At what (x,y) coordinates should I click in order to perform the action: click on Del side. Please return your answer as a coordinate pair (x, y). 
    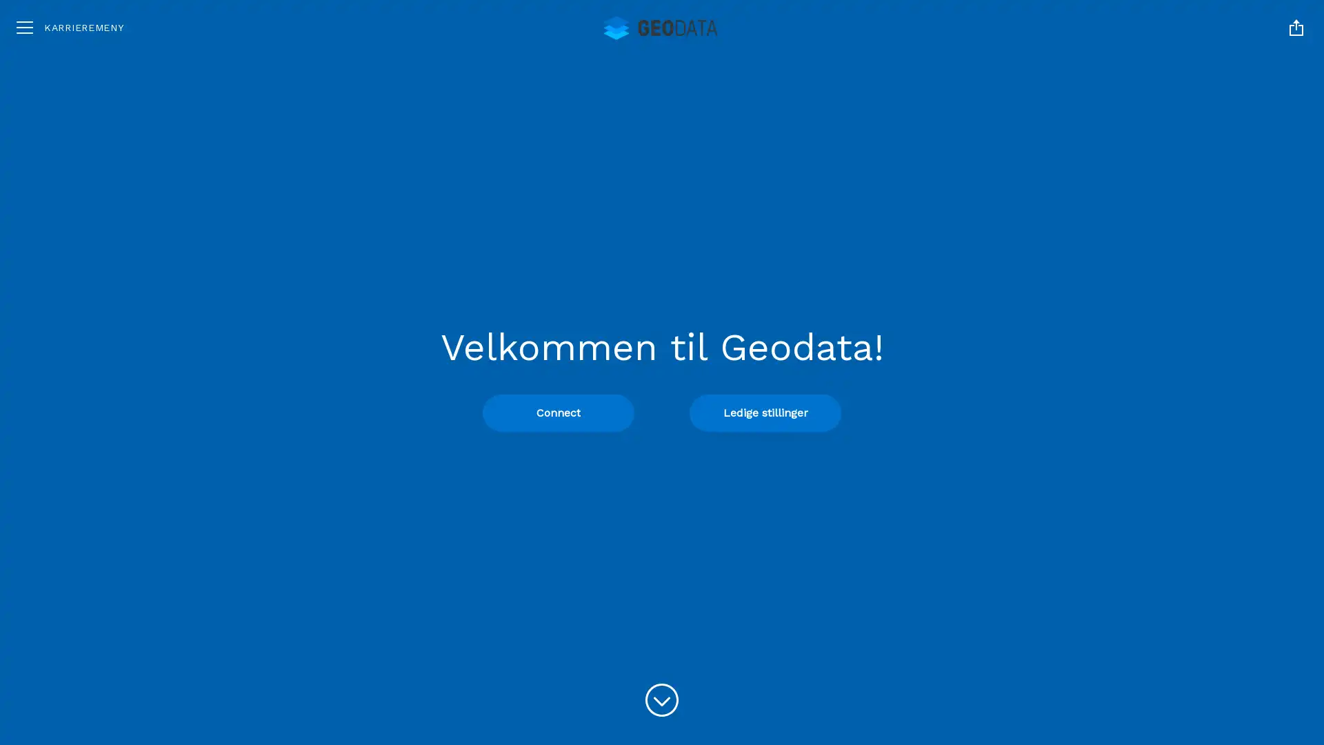
    Looking at the image, I should click on (1296, 27).